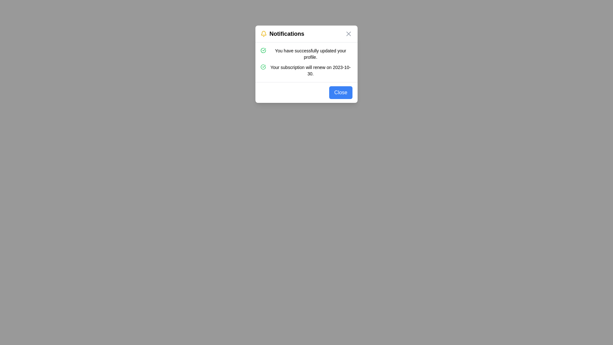 The image size is (613, 345). Describe the element at coordinates (348, 34) in the screenshot. I see `the close button located at the far right end of the header section of the notification modal to change its color` at that location.